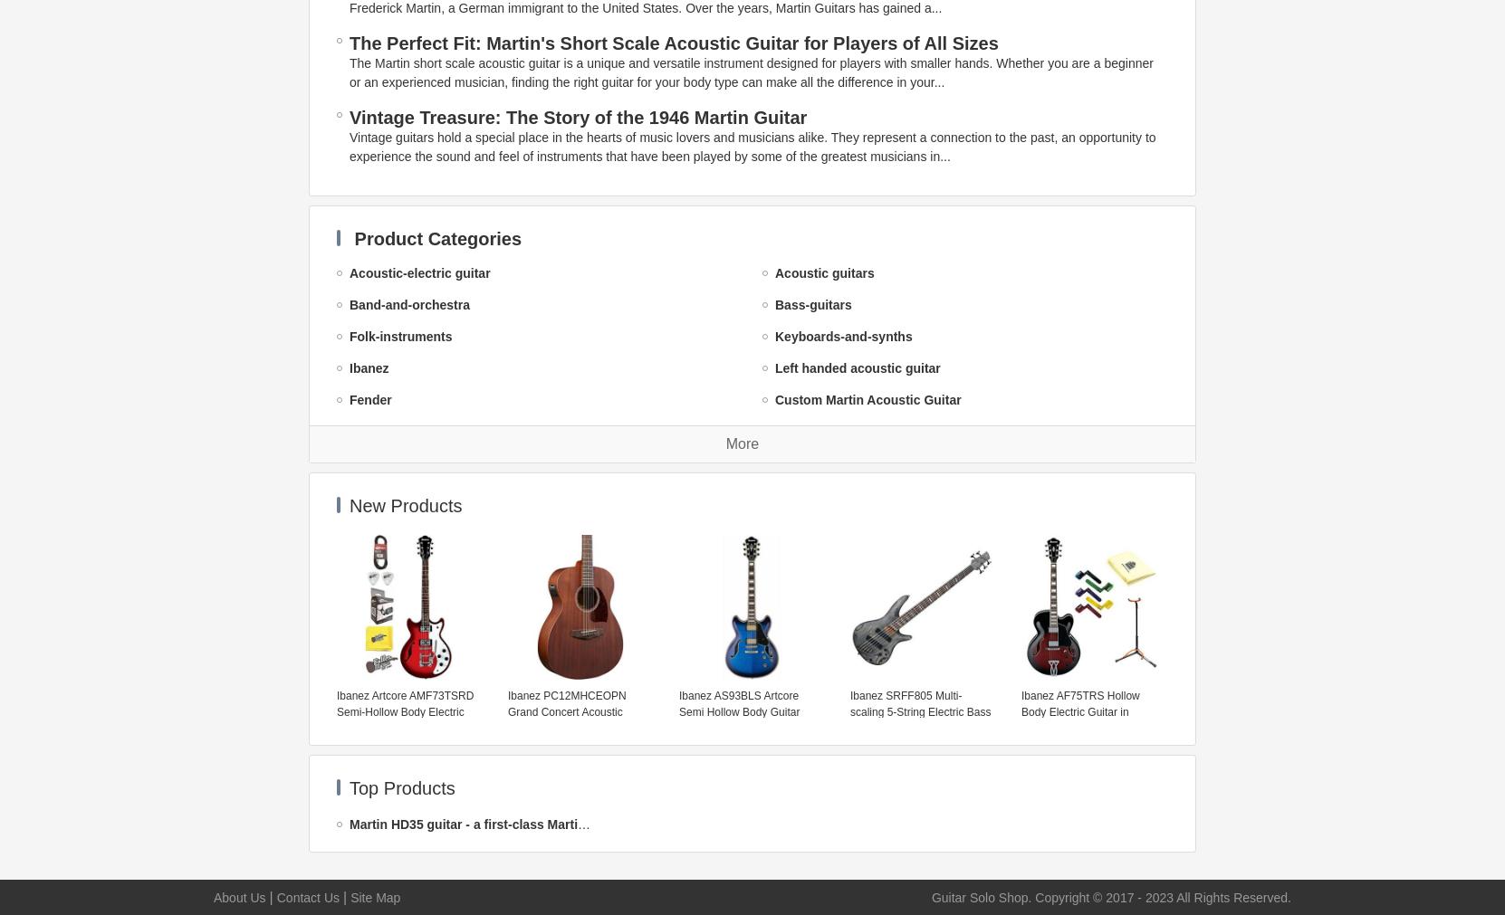 This screenshot has width=1505, height=915. Describe the element at coordinates (349, 399) in the screenshot. I see `'Fender'` at that location.